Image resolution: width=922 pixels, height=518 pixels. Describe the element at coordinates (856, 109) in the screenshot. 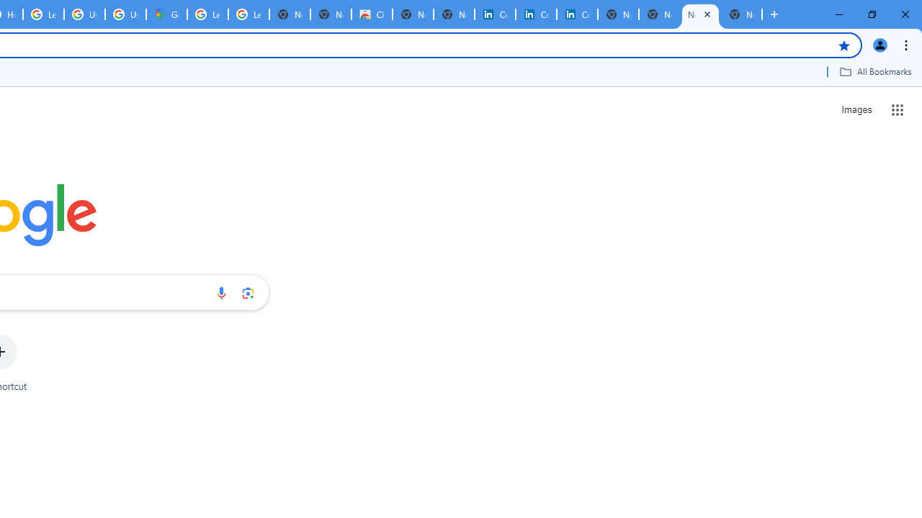

I see `'Search for Images '` at that location.